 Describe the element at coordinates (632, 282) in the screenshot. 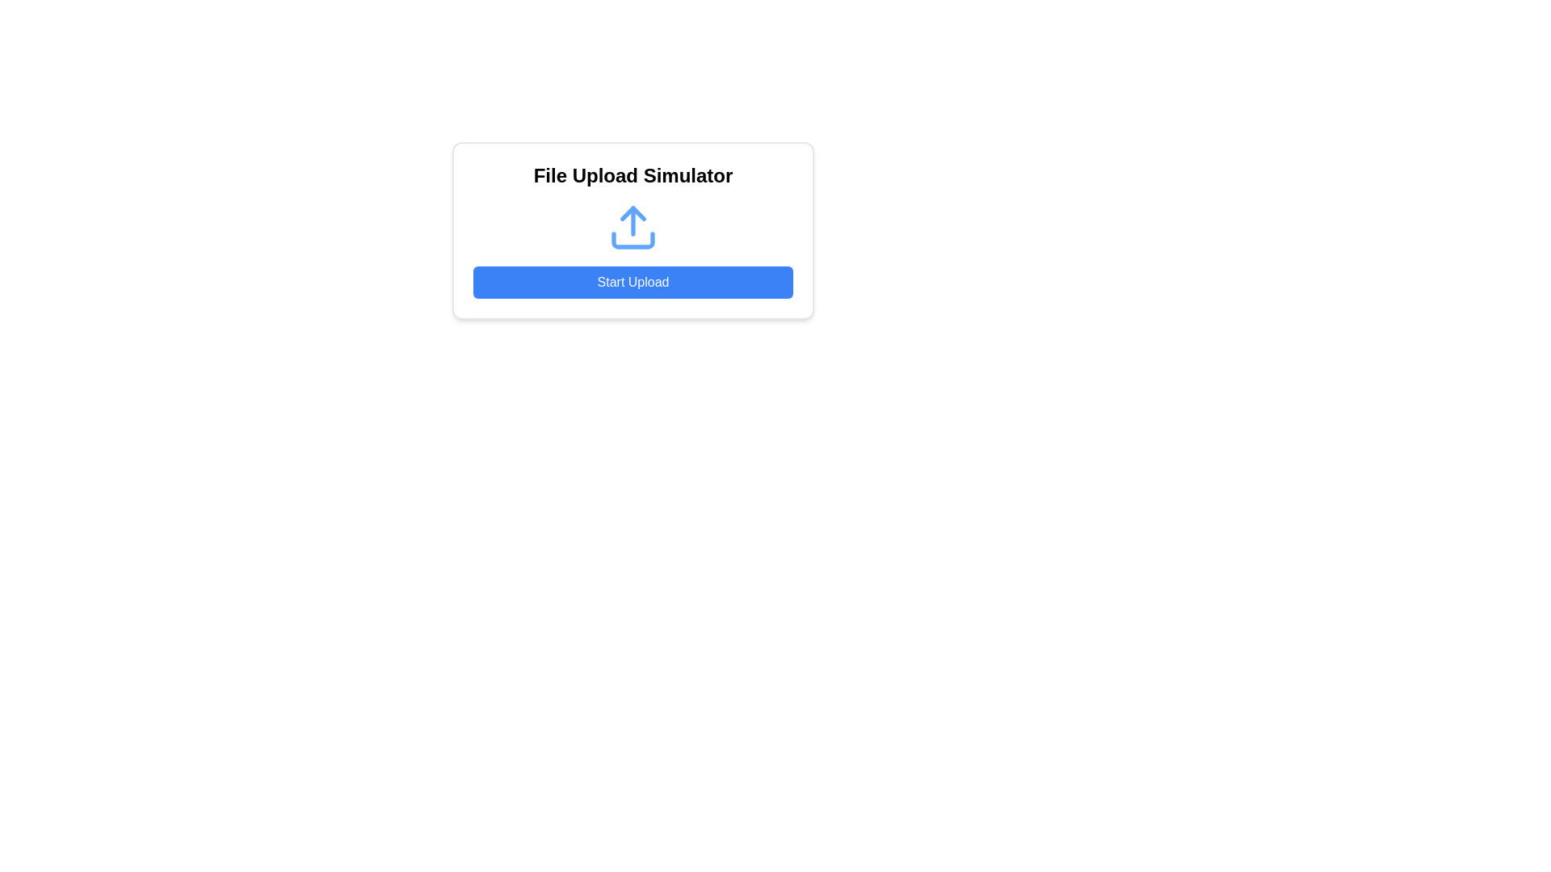

I see `the upload button located at the bottom of the white card UI titled 'File Upload Simulator' to trigger the hover effect` at that location.